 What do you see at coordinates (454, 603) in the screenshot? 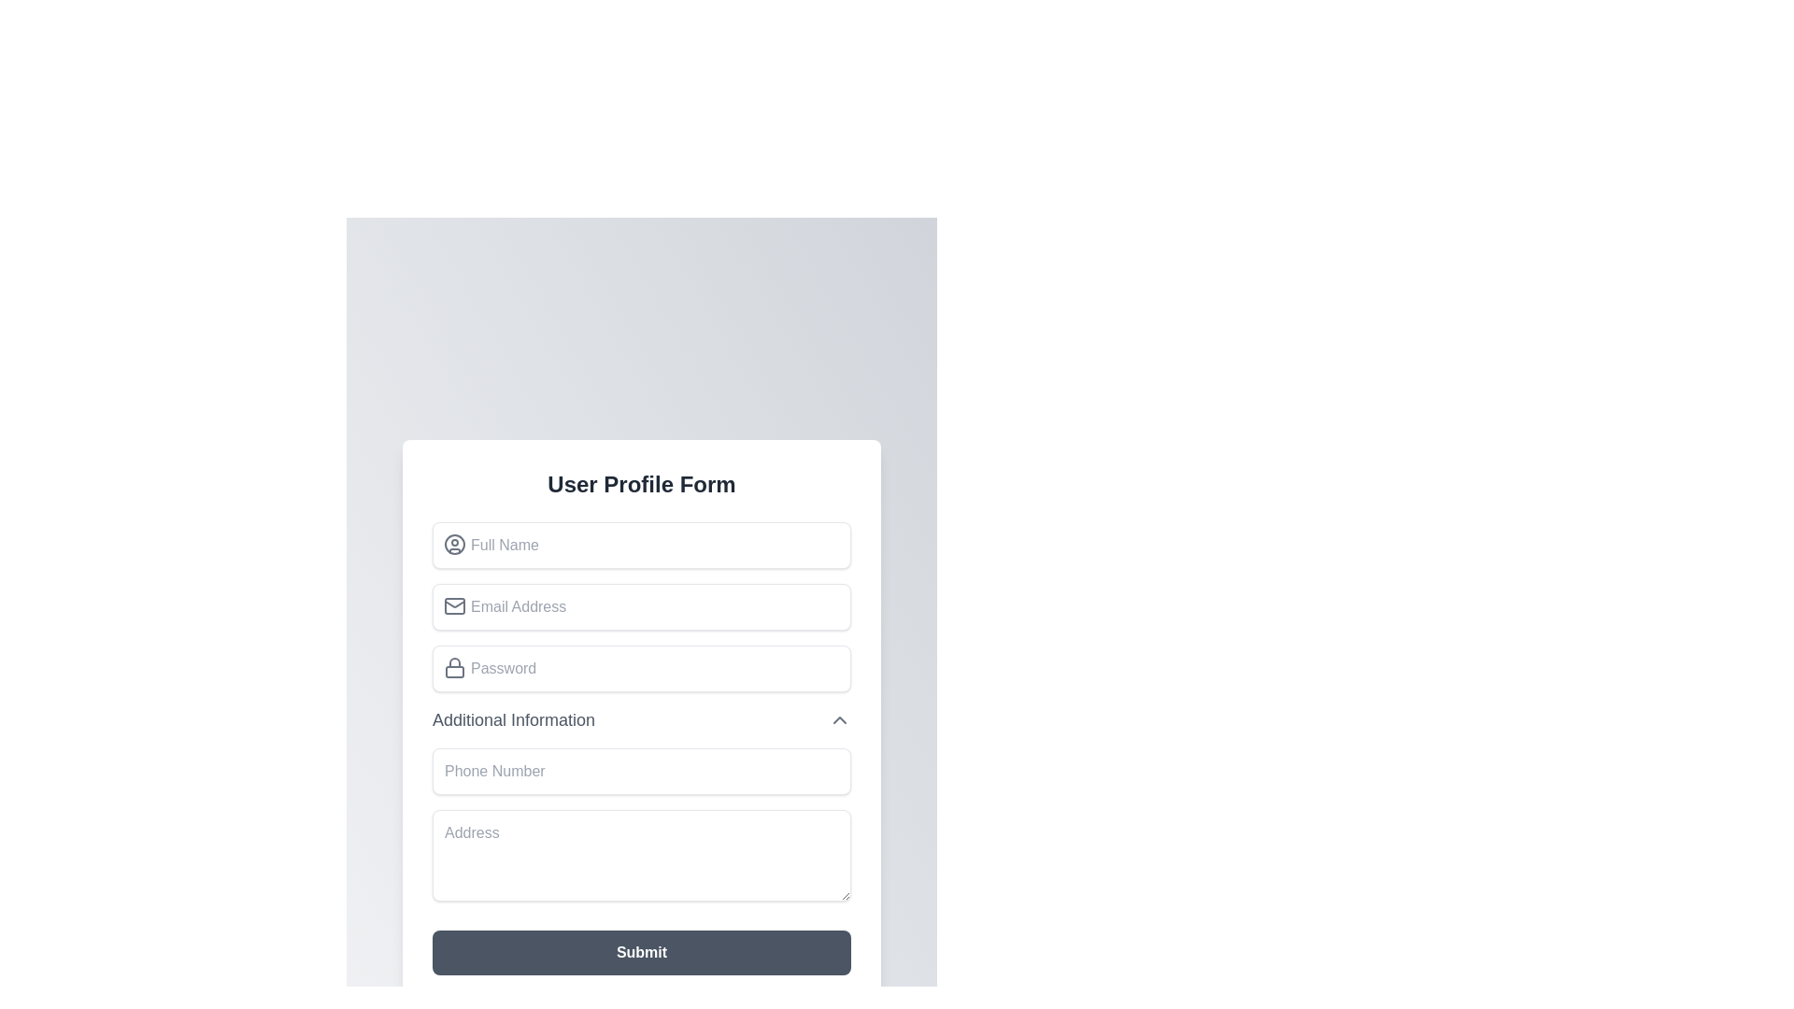
I see `the decorative envelope icon component located inside the SVG graphic to the left of the 'Email Address' text input field in the user profile form` at bounding box center [454, 603].